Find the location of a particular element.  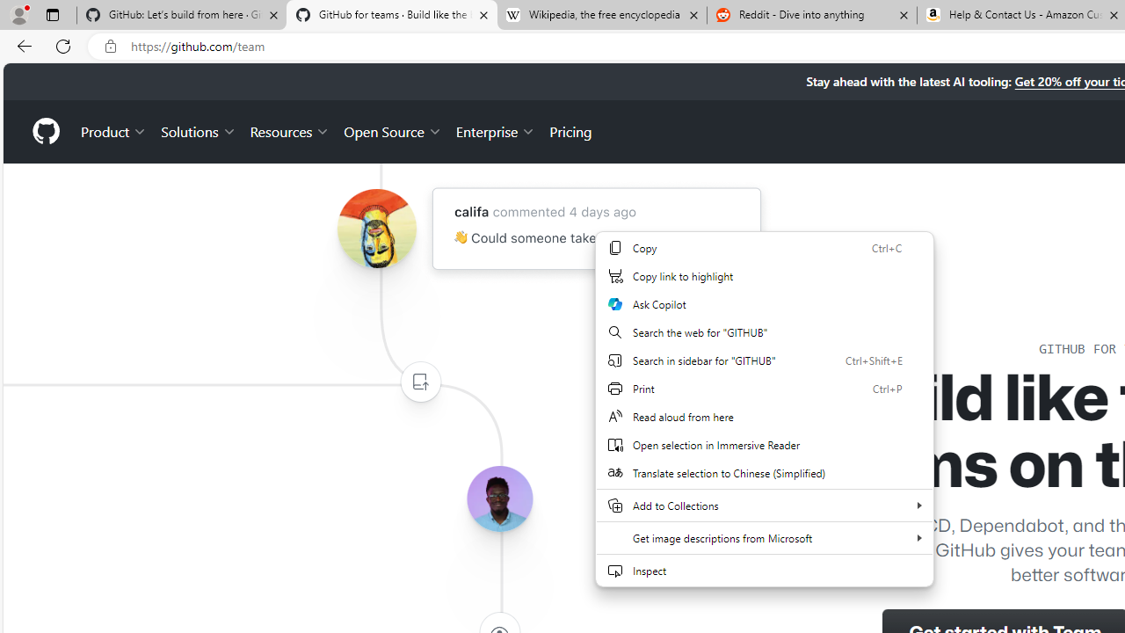

'Inspect' is located at coordinates (765, 571).